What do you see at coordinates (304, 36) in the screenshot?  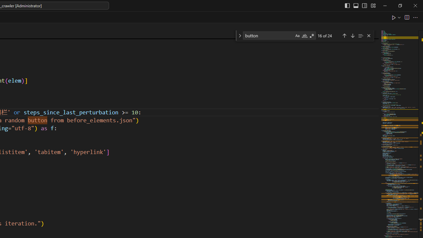 I see `'Match Whole Word (Alt+W)'` at bounding box center [304, 36].